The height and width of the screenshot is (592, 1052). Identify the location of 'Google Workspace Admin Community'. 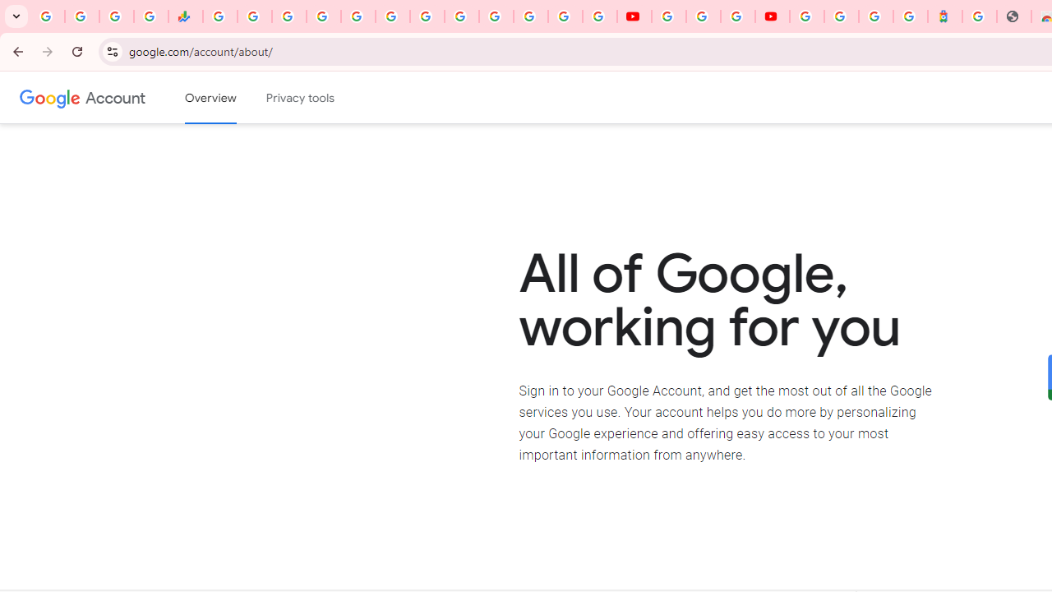
(48, 16).